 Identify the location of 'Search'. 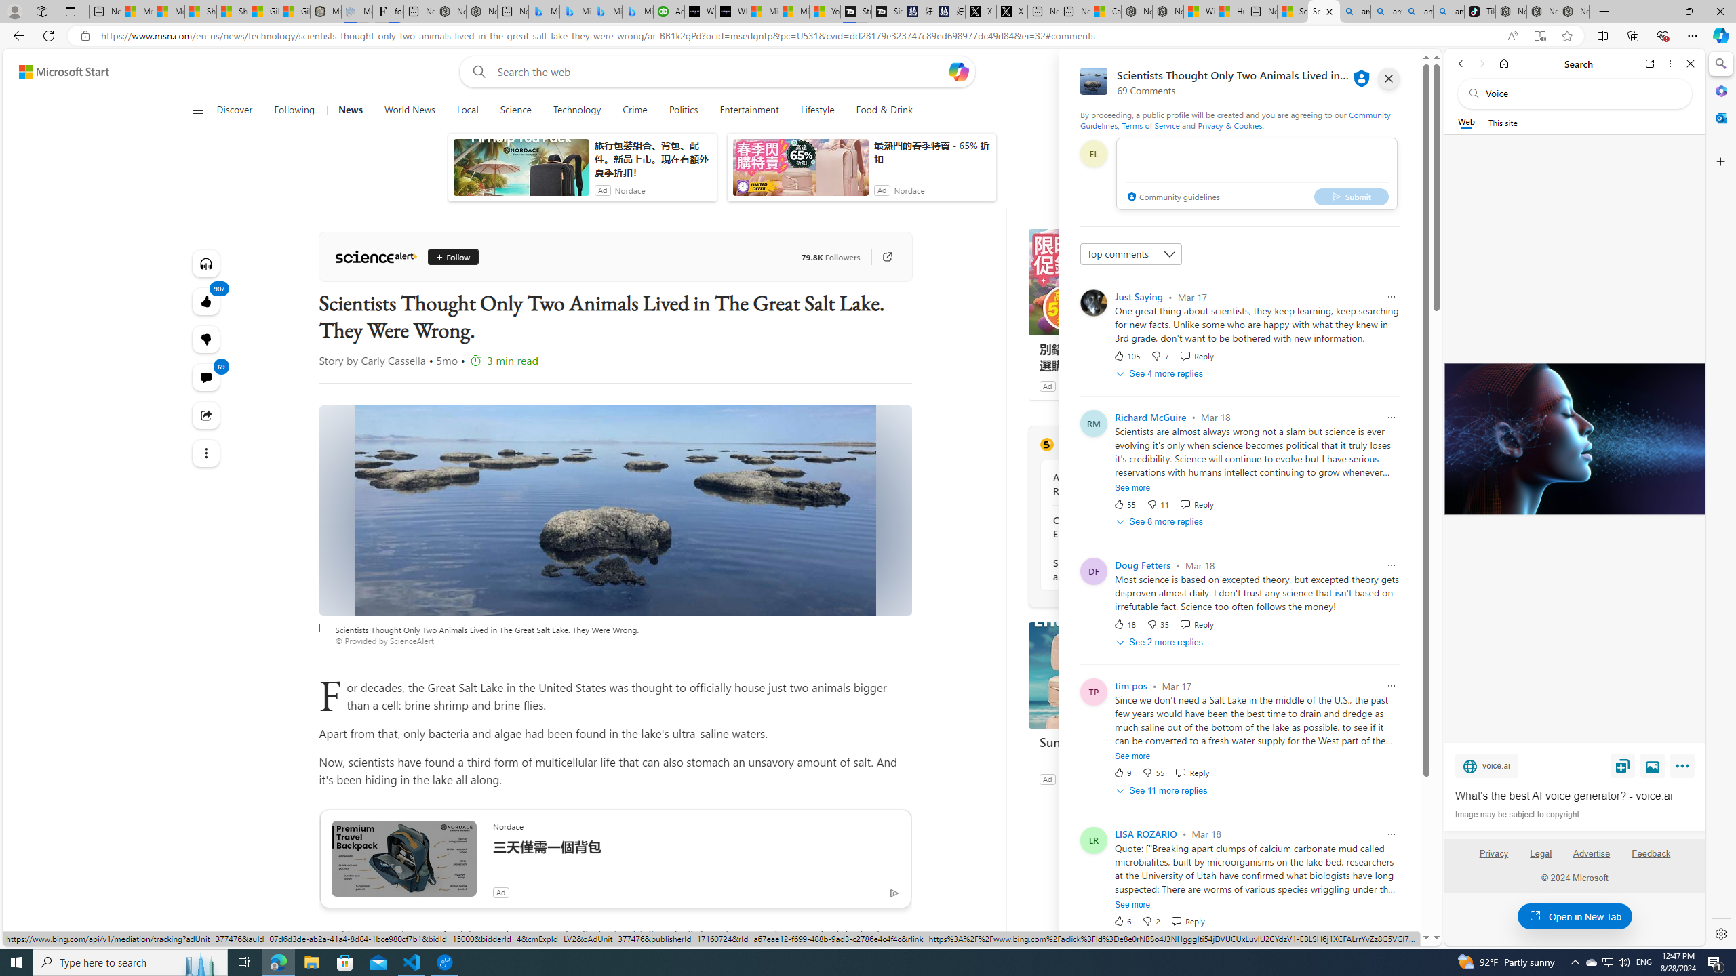
(1719, 63).